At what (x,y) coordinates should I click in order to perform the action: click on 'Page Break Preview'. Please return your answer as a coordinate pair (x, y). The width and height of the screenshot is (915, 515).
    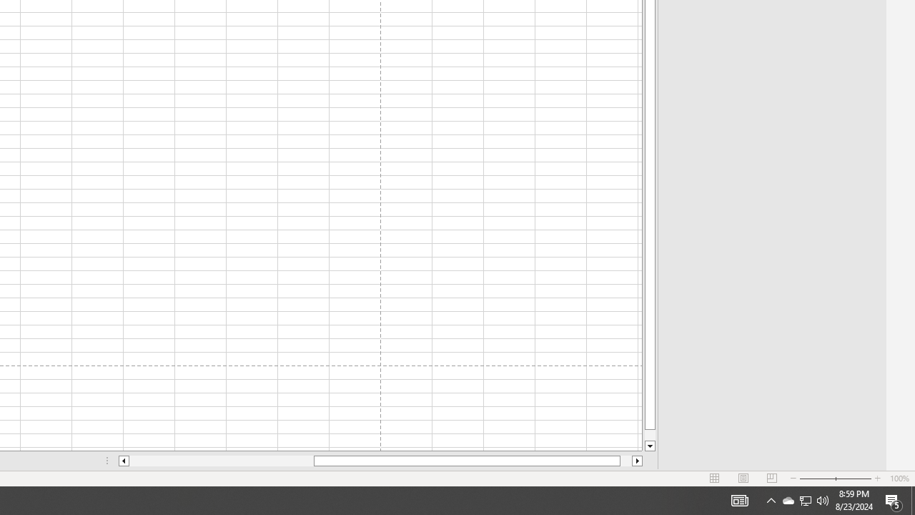
    Looking at the image, I should click on (771, 479).